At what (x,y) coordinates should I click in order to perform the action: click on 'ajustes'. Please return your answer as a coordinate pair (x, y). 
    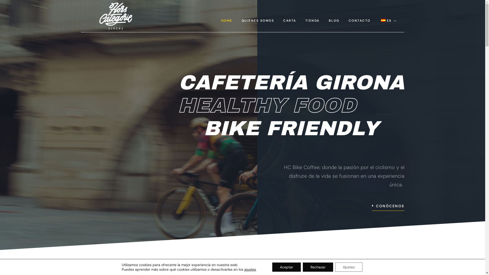
    Looking at the image, I should click on (250, 269).